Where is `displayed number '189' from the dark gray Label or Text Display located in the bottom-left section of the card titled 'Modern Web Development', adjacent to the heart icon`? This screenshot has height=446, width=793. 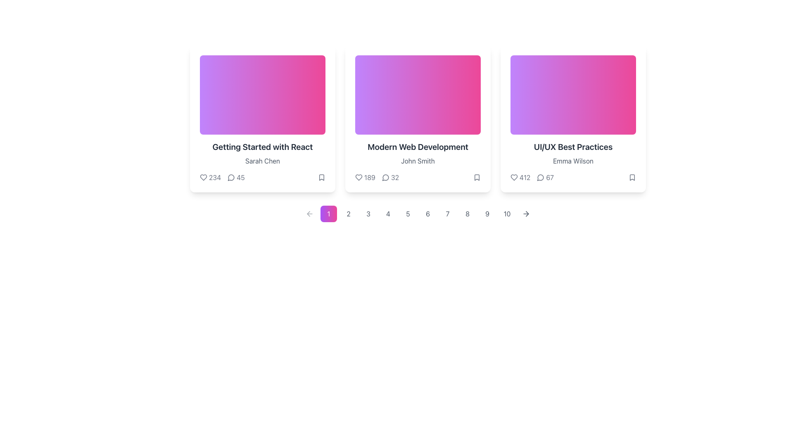
displayed number '189' from the dark gray Label or Text Display located in the bottom-left section of the card titled 'Modern Web Development', adjacent to the heart icon is located at coordinates (369, 177).